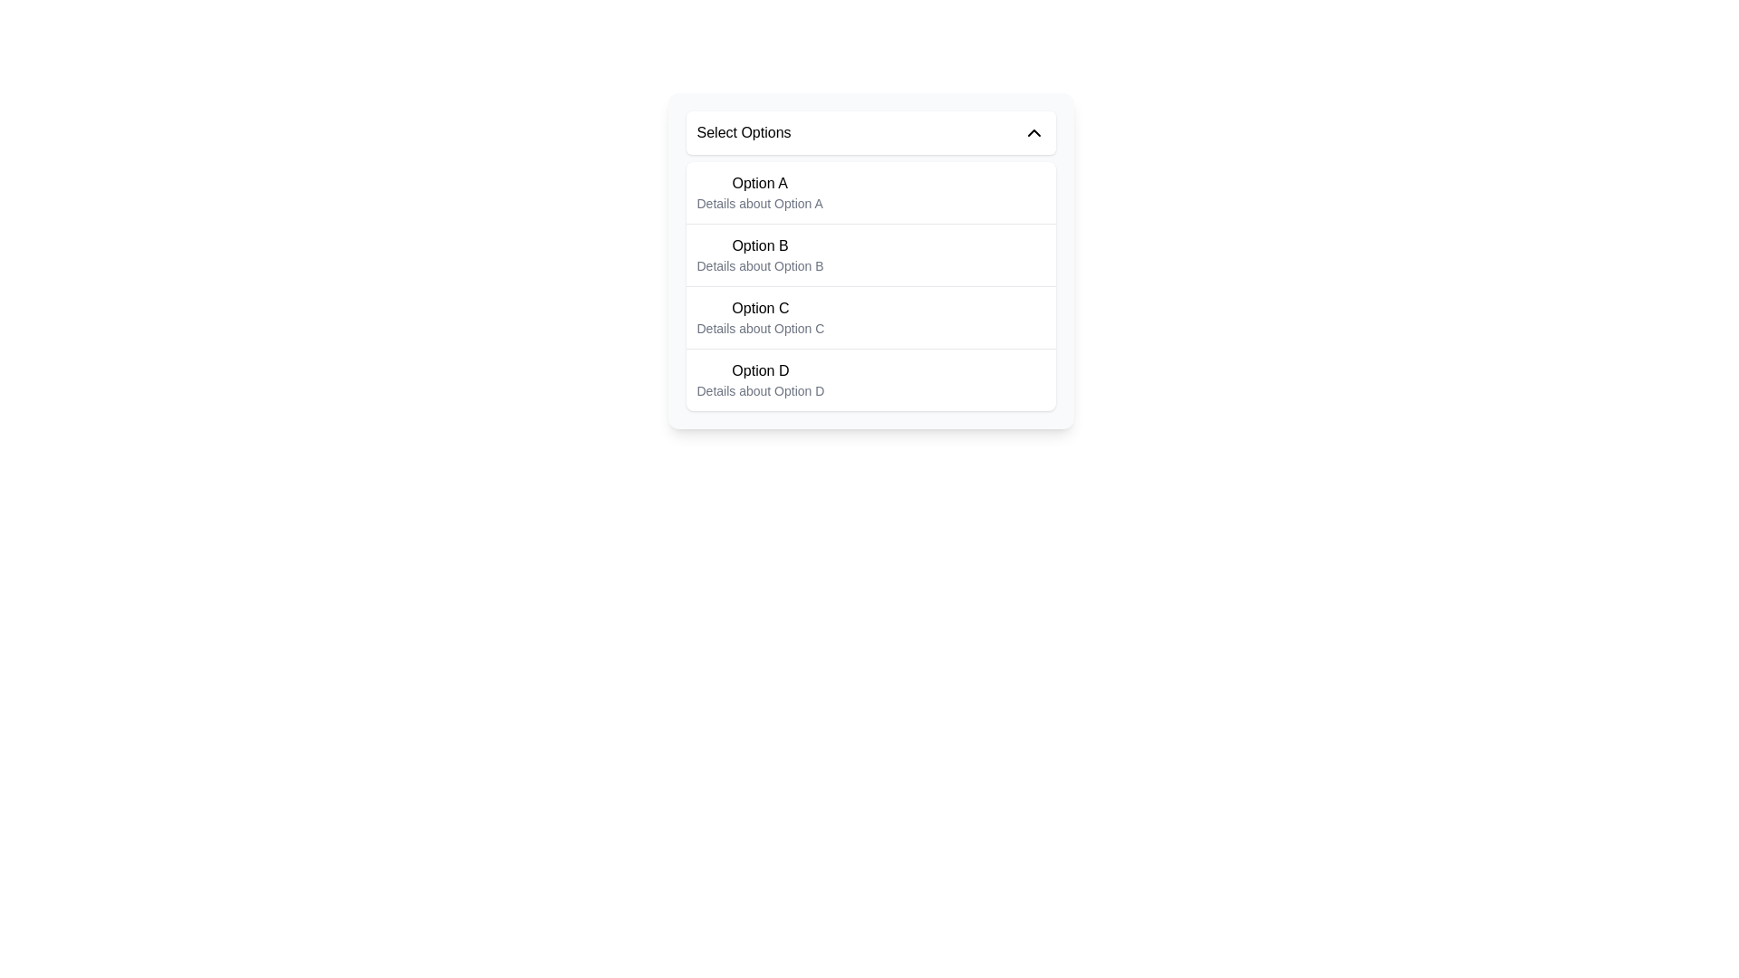 Image resolution: width=1739 pixels, height=978 pixels. I want to click on the second option 'Option B', so click(870, 261).